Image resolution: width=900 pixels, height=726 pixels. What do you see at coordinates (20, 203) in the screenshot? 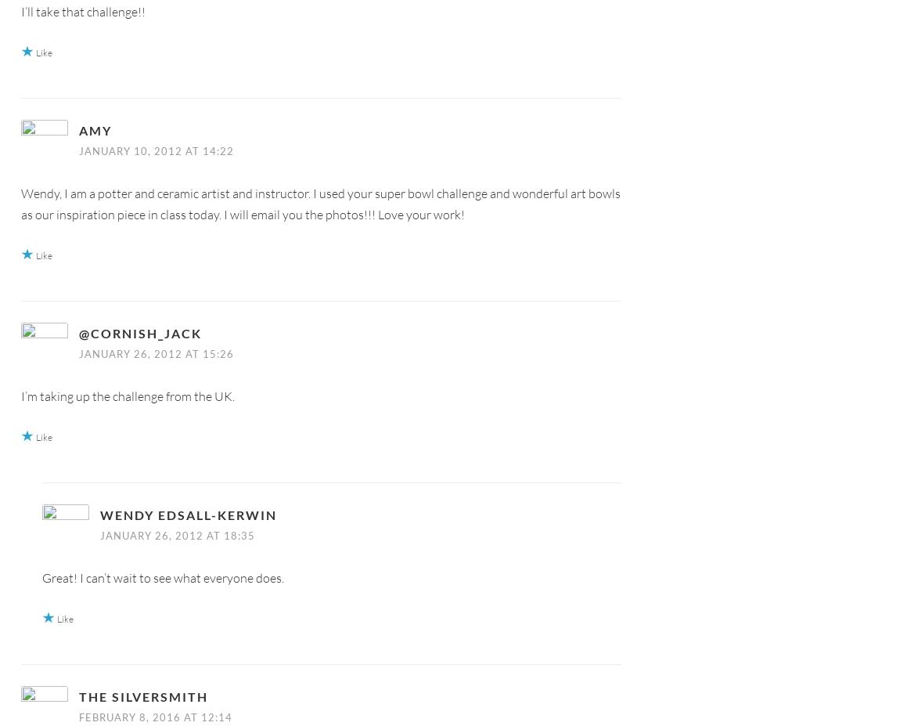
I see `'Wendy, I am a potter and ceramic artist and instructor. I used your super bowl challenge and wonderful art bowls as our inspiration piece in class today. I will email you the photos!!! Love your work!'` at bounding box center [20, 203].